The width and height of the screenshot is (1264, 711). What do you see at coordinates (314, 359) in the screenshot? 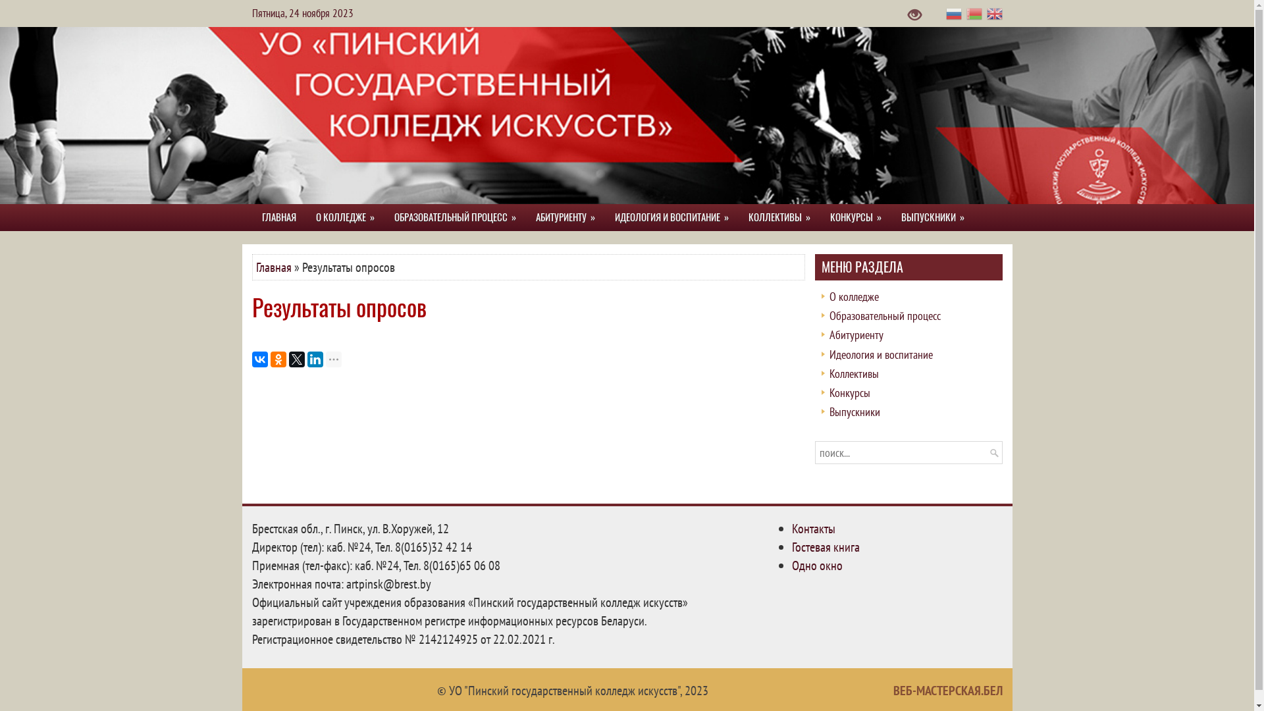
I see `'LinkedIn'` at bounding box center [314, 359].